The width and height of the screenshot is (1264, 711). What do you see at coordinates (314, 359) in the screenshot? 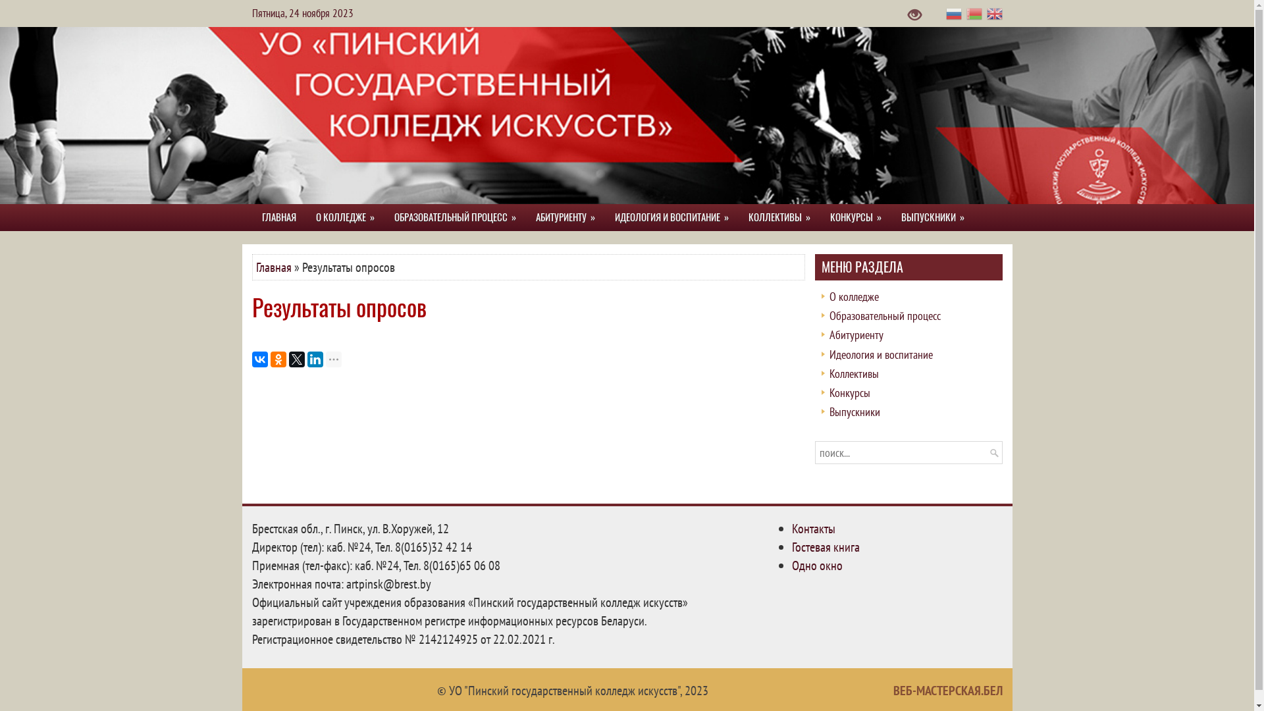
I see `'LinkedIn'` at bounding box center [314, 359].